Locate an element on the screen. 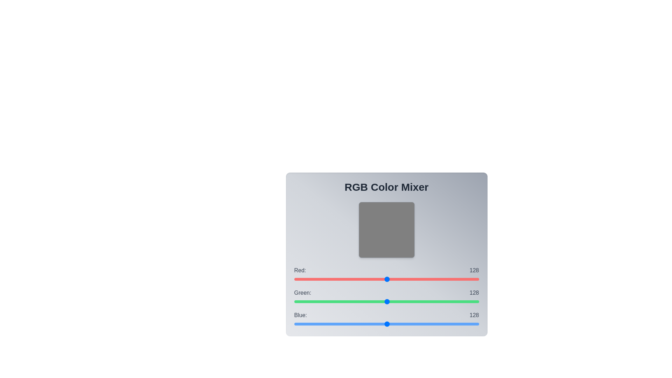 The image size is (672, 378). the green slider to set its value to 73 is located at coordinates (347, 301).